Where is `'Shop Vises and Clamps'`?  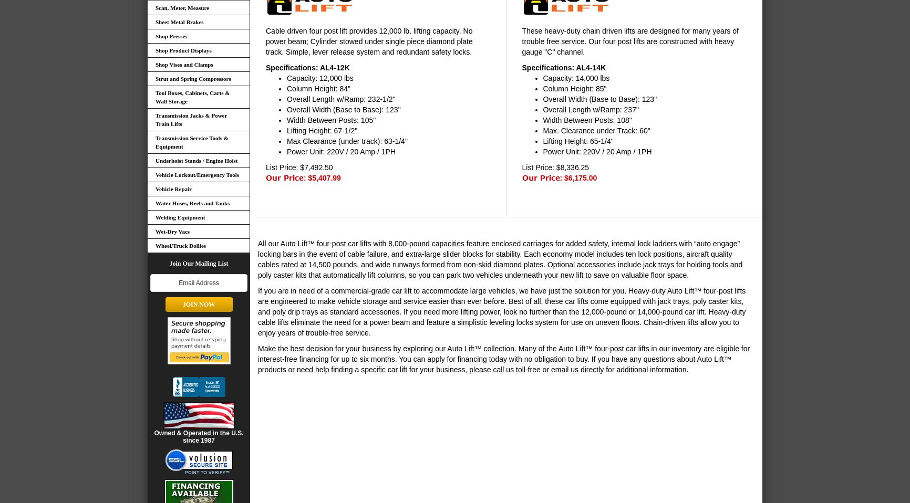
'Shop Vises and Clamps' is located at coordinates (183, 65).